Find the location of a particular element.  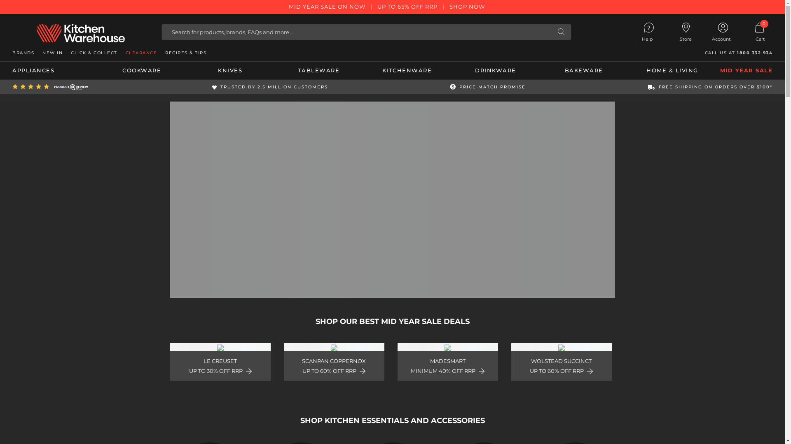

'CLEARANCE' is located at coordinates (141, 53).